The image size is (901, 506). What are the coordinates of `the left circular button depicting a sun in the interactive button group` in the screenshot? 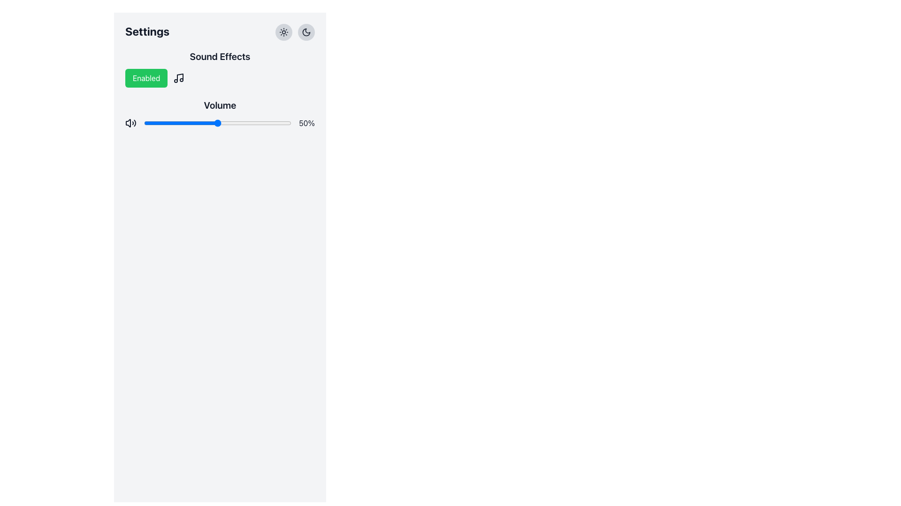 It's located at (294, 32).